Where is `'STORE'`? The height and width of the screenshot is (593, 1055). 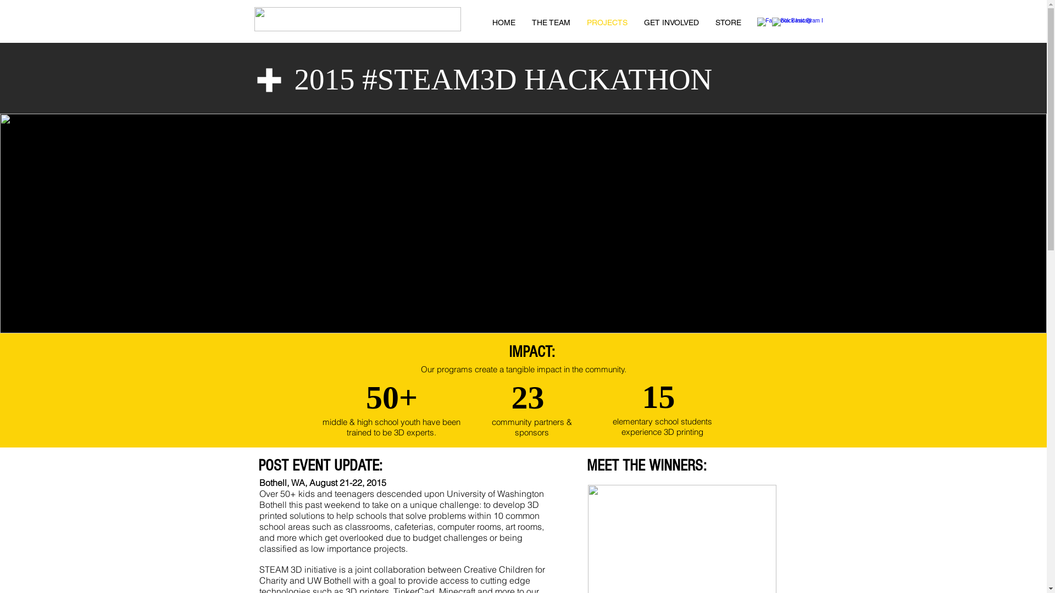 'STORE' is located at coordinates (707, 23).